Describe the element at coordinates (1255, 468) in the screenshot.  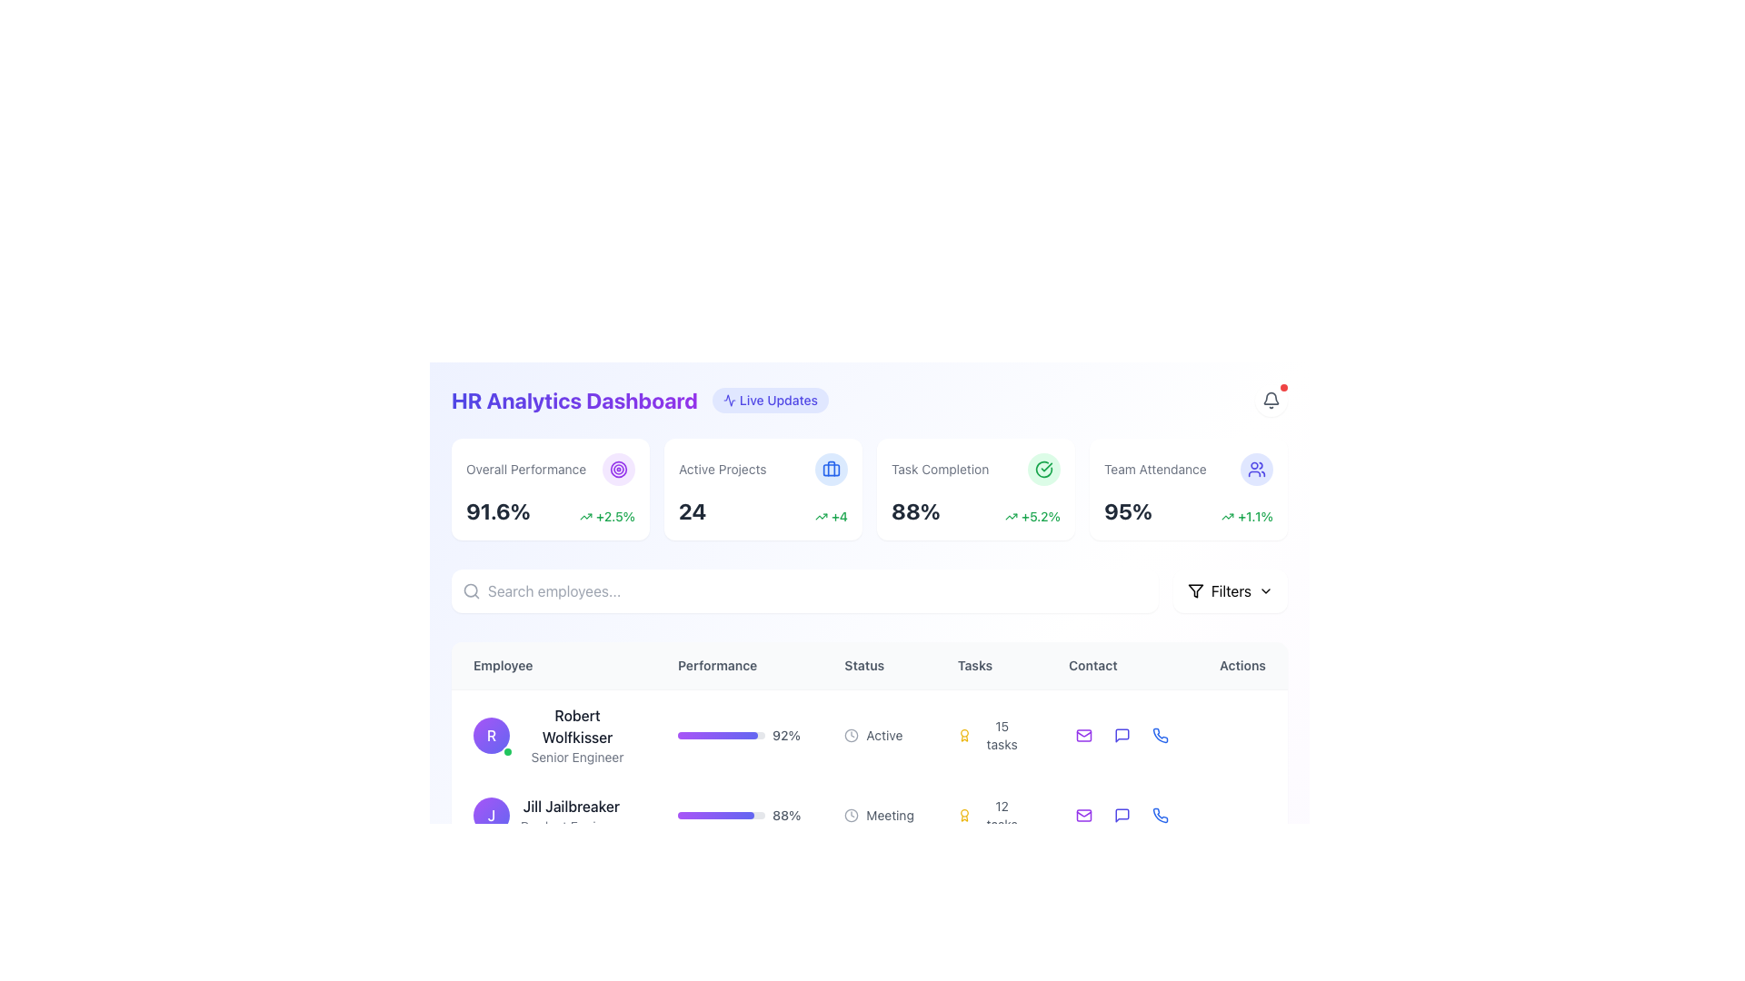
I see `the circular icon with a light blue background and a purple outline of two individuals, located at the top-right of the 'Team Attendance' section in the 'HR Analytics Dashboard'` at that location.